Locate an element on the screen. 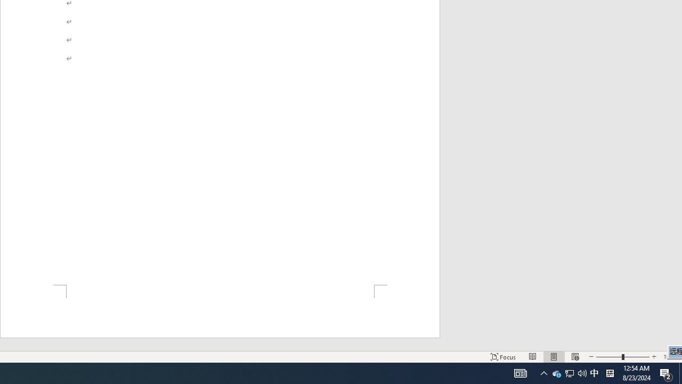  'Zoom 104%' is located at coordinates (670, 357).